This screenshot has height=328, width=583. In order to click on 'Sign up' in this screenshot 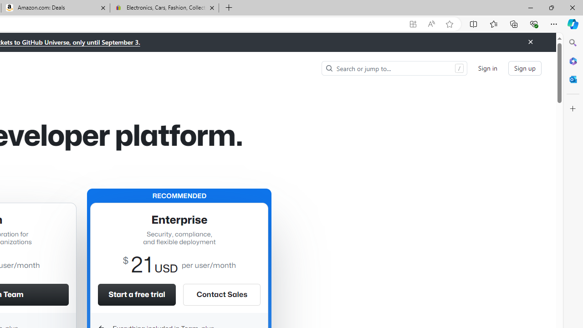, I will do `click(525, 67)`.